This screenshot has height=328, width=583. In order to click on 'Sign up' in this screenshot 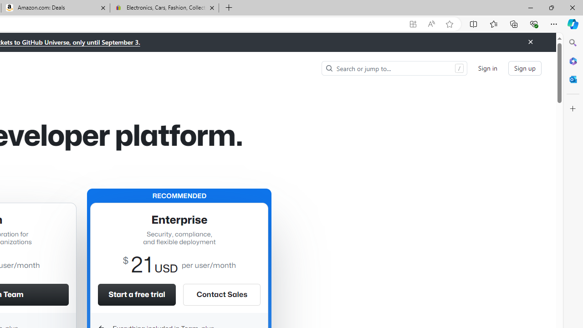, I will do `click(525, 67)`.